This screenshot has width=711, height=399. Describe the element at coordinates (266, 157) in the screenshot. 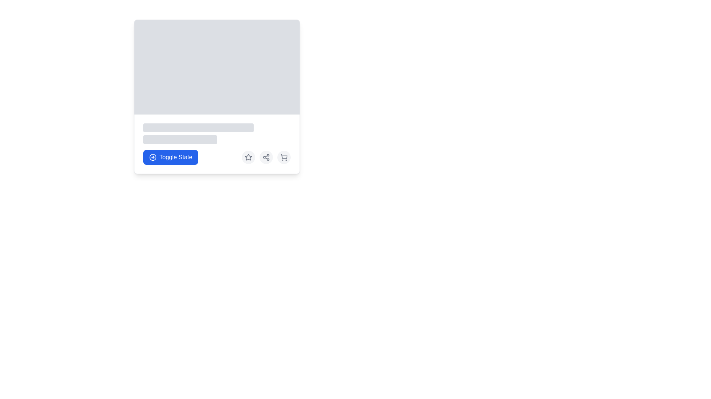

I see `the circular button with a light gray background and a share icon, located` at that location.